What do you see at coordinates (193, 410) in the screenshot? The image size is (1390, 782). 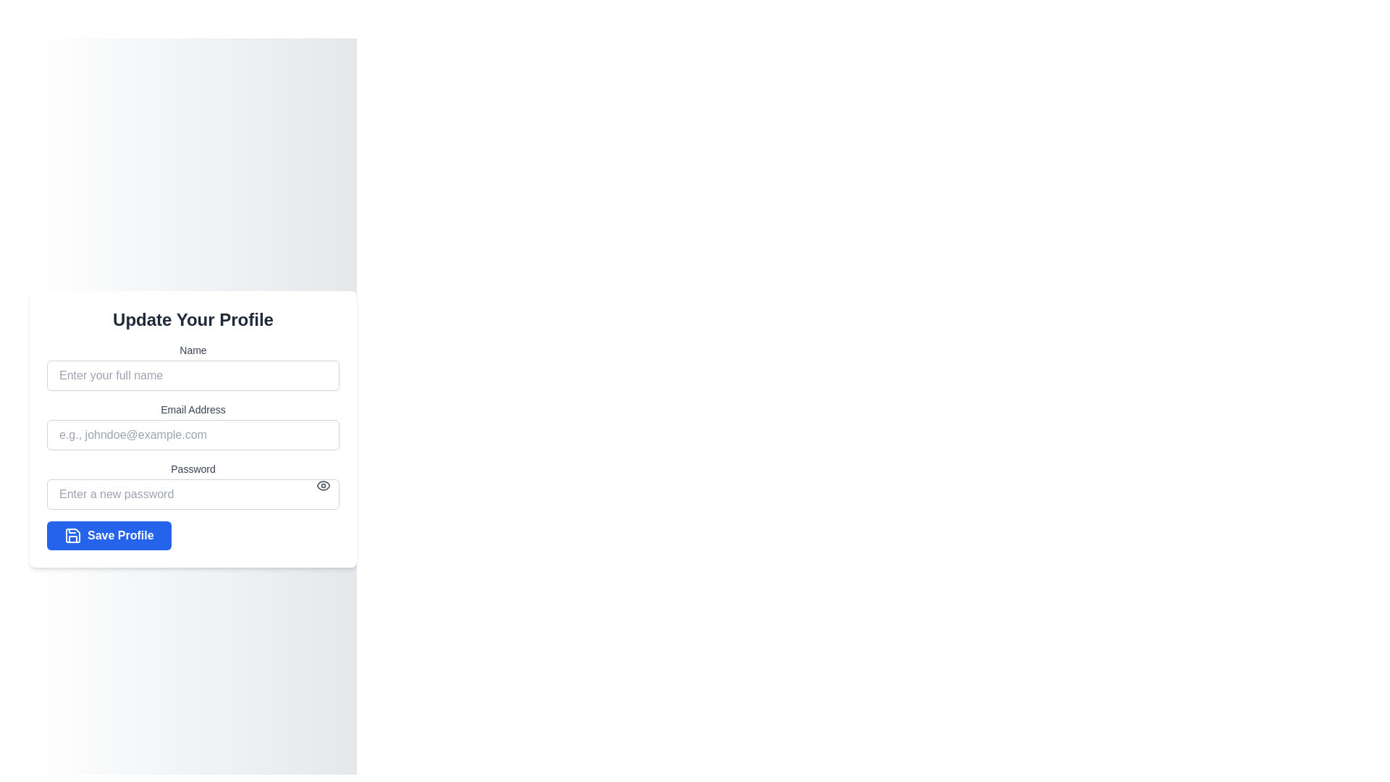 I see `the text label 'Email Address' which is positioned between the 'Name' input field and the email input field` at bounding box center [193, 410].